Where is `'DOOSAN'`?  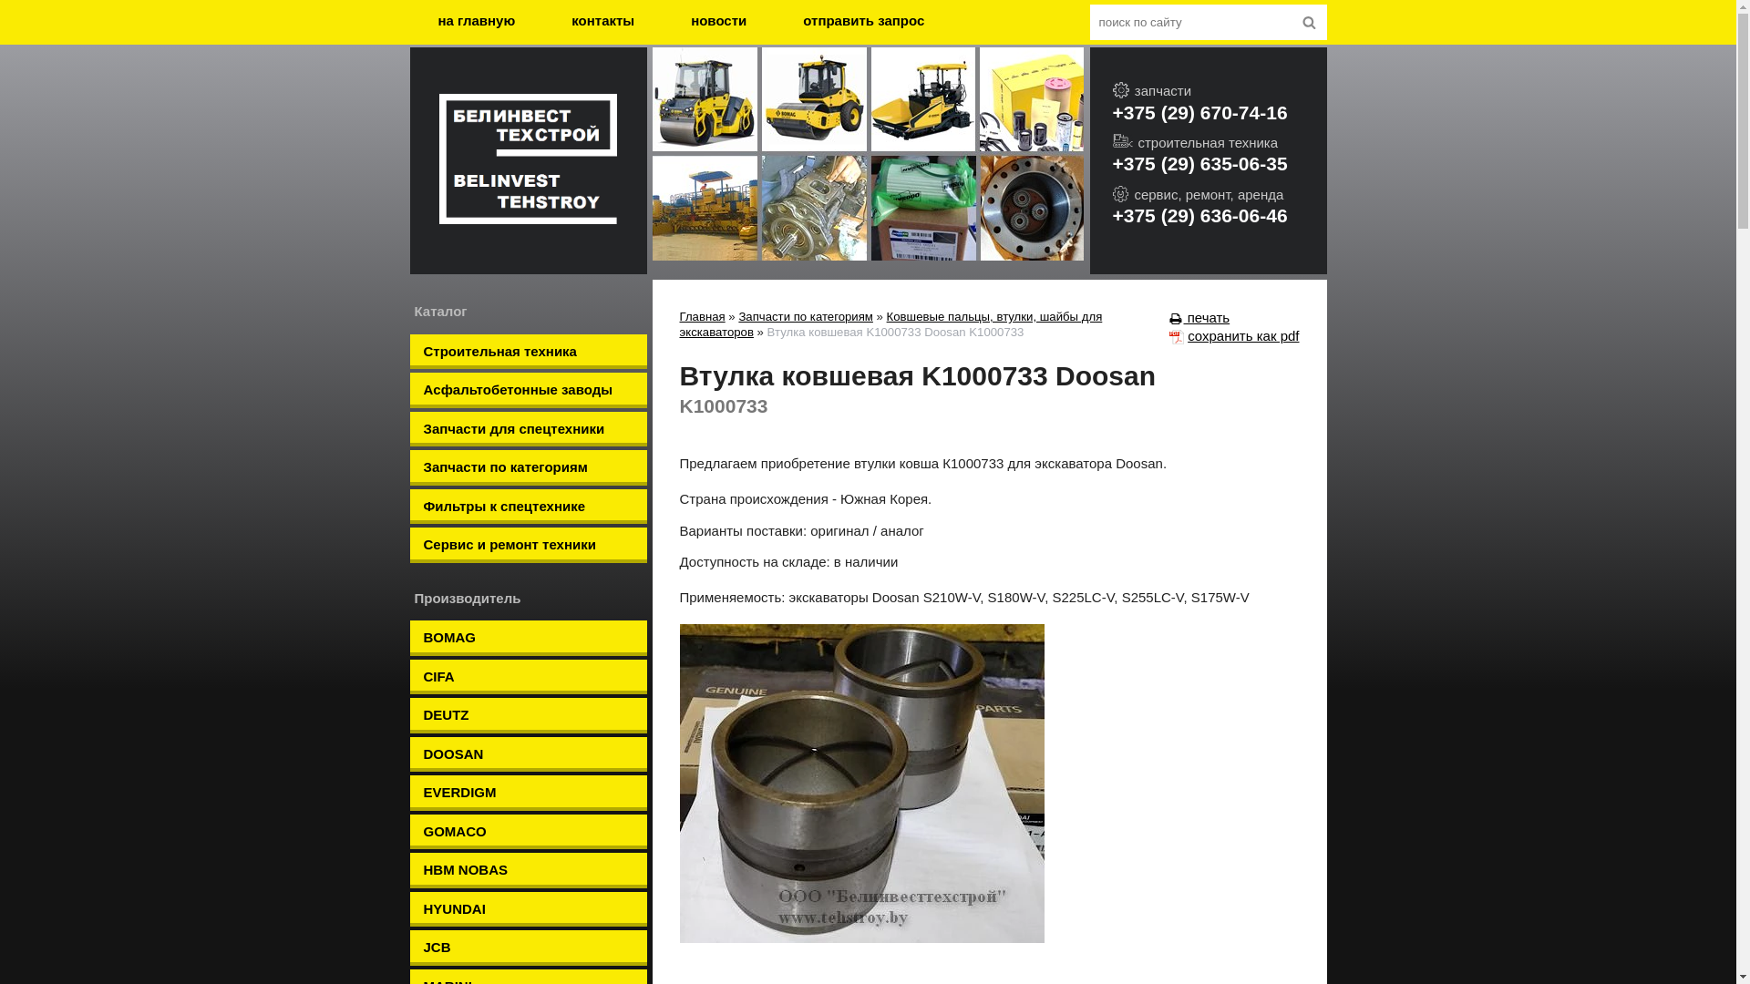
'DOOSAN' is located at coordinates (528, 753).